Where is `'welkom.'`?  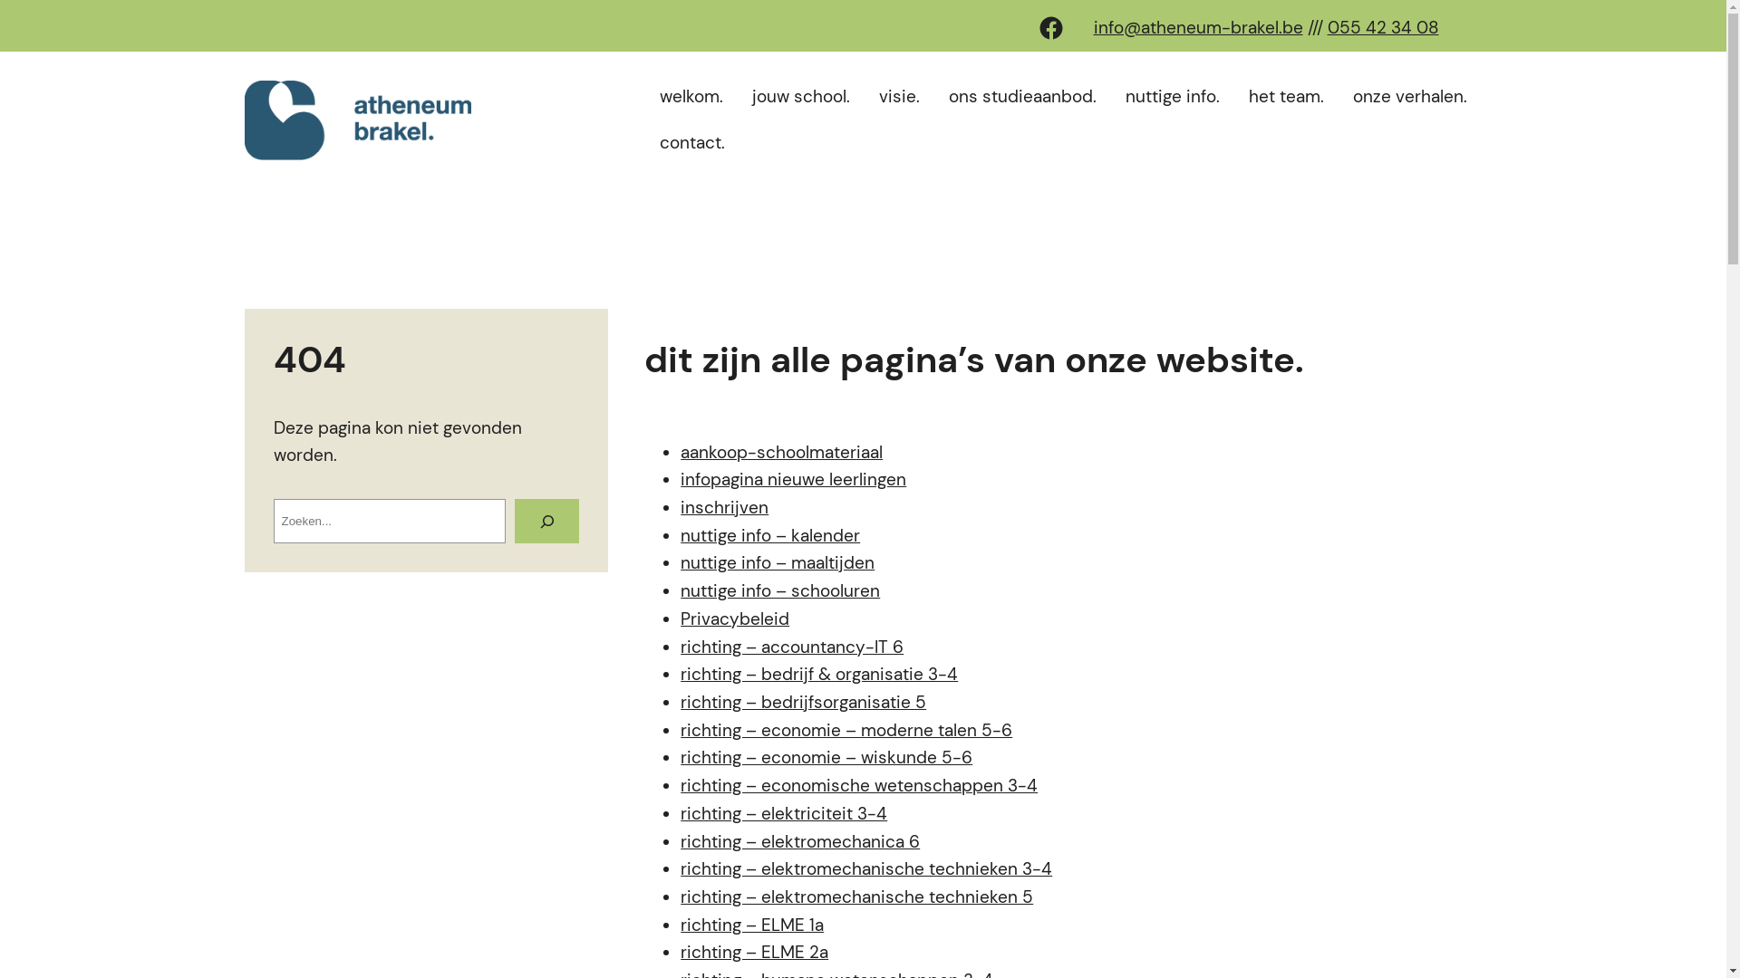
'welkom.' is located at coordinates (691, 97).